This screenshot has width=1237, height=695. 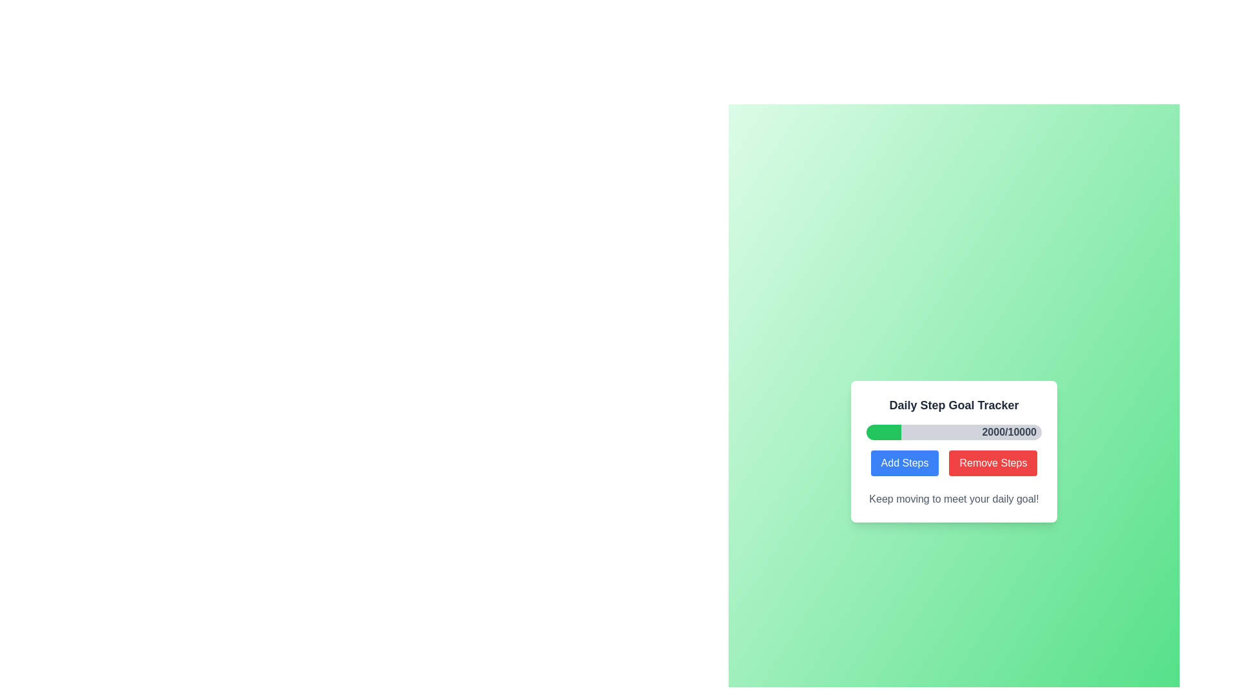 What do you see at coordinates (992, 463) in the screenshot?
I see `the second interactive button designed to decrease the recorded steps in the daily step goal tracker` at bounding box center [992, 463].